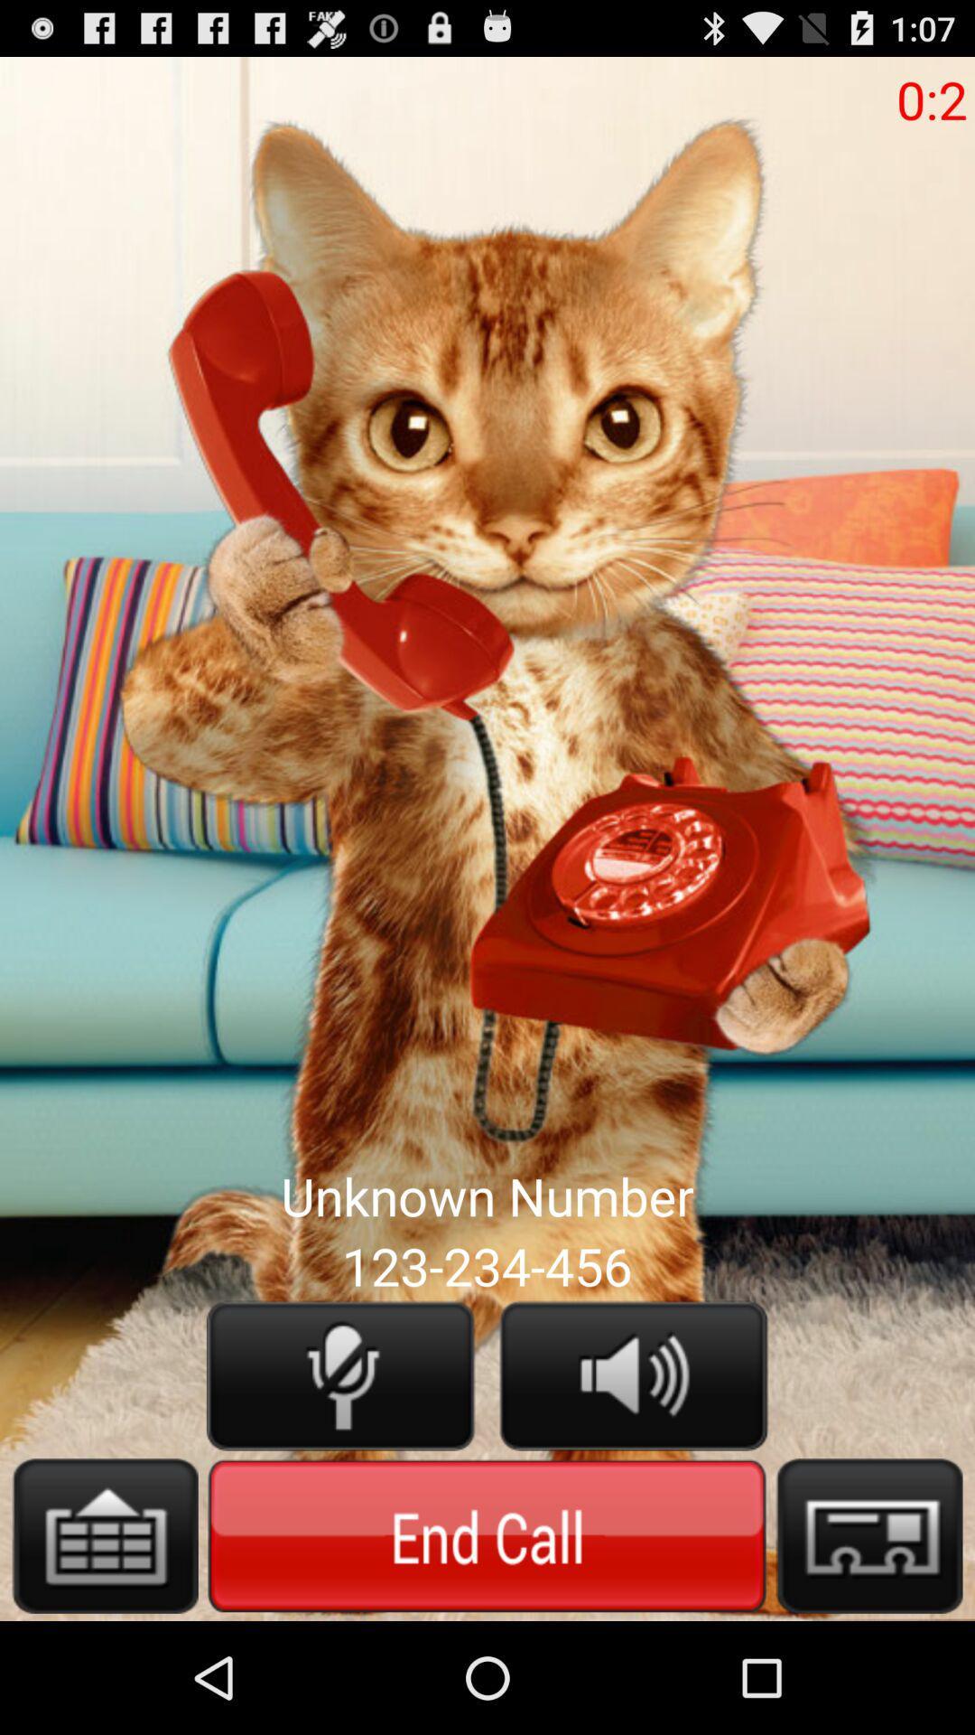 This screenshot has width=975, height=1735. What do you see at coordinates (486, 1534) in the screenshot?
I see `end call` at bounding box center [486, 1534].